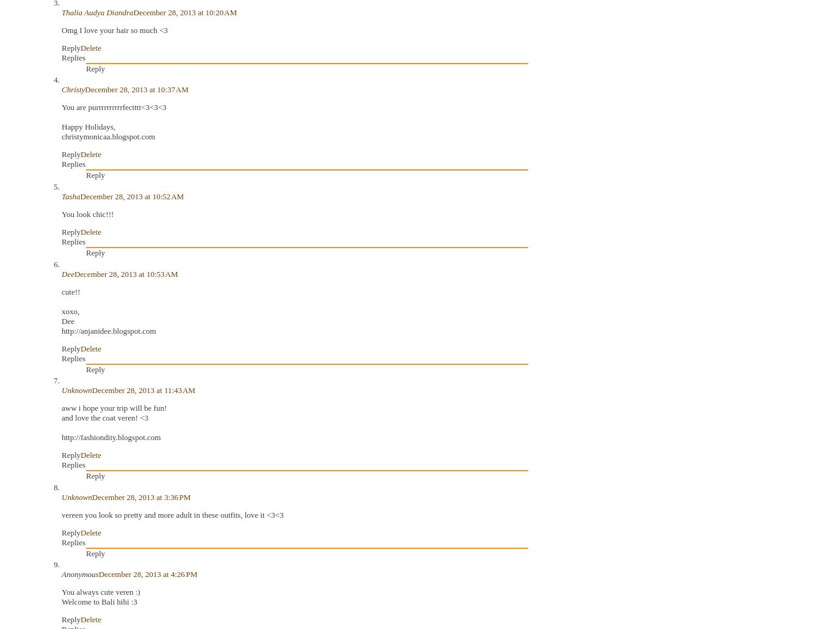  What do you see at coordinates (113, 107) in the screenshot?
I see `'You are purrrrrrrrrrfectttt<3<3<3'` at bounding box center [113, 107].